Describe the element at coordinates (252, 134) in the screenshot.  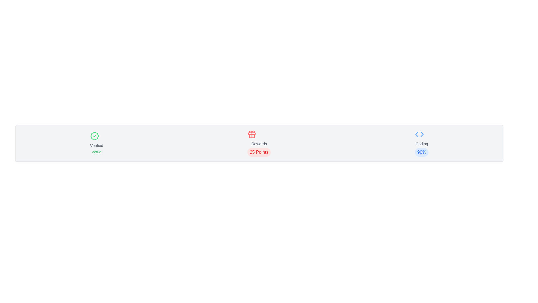
I see `the decorative graphical element that is part of the gift icon, specifically the horizontal bar across the middle of the gift box` at that location.